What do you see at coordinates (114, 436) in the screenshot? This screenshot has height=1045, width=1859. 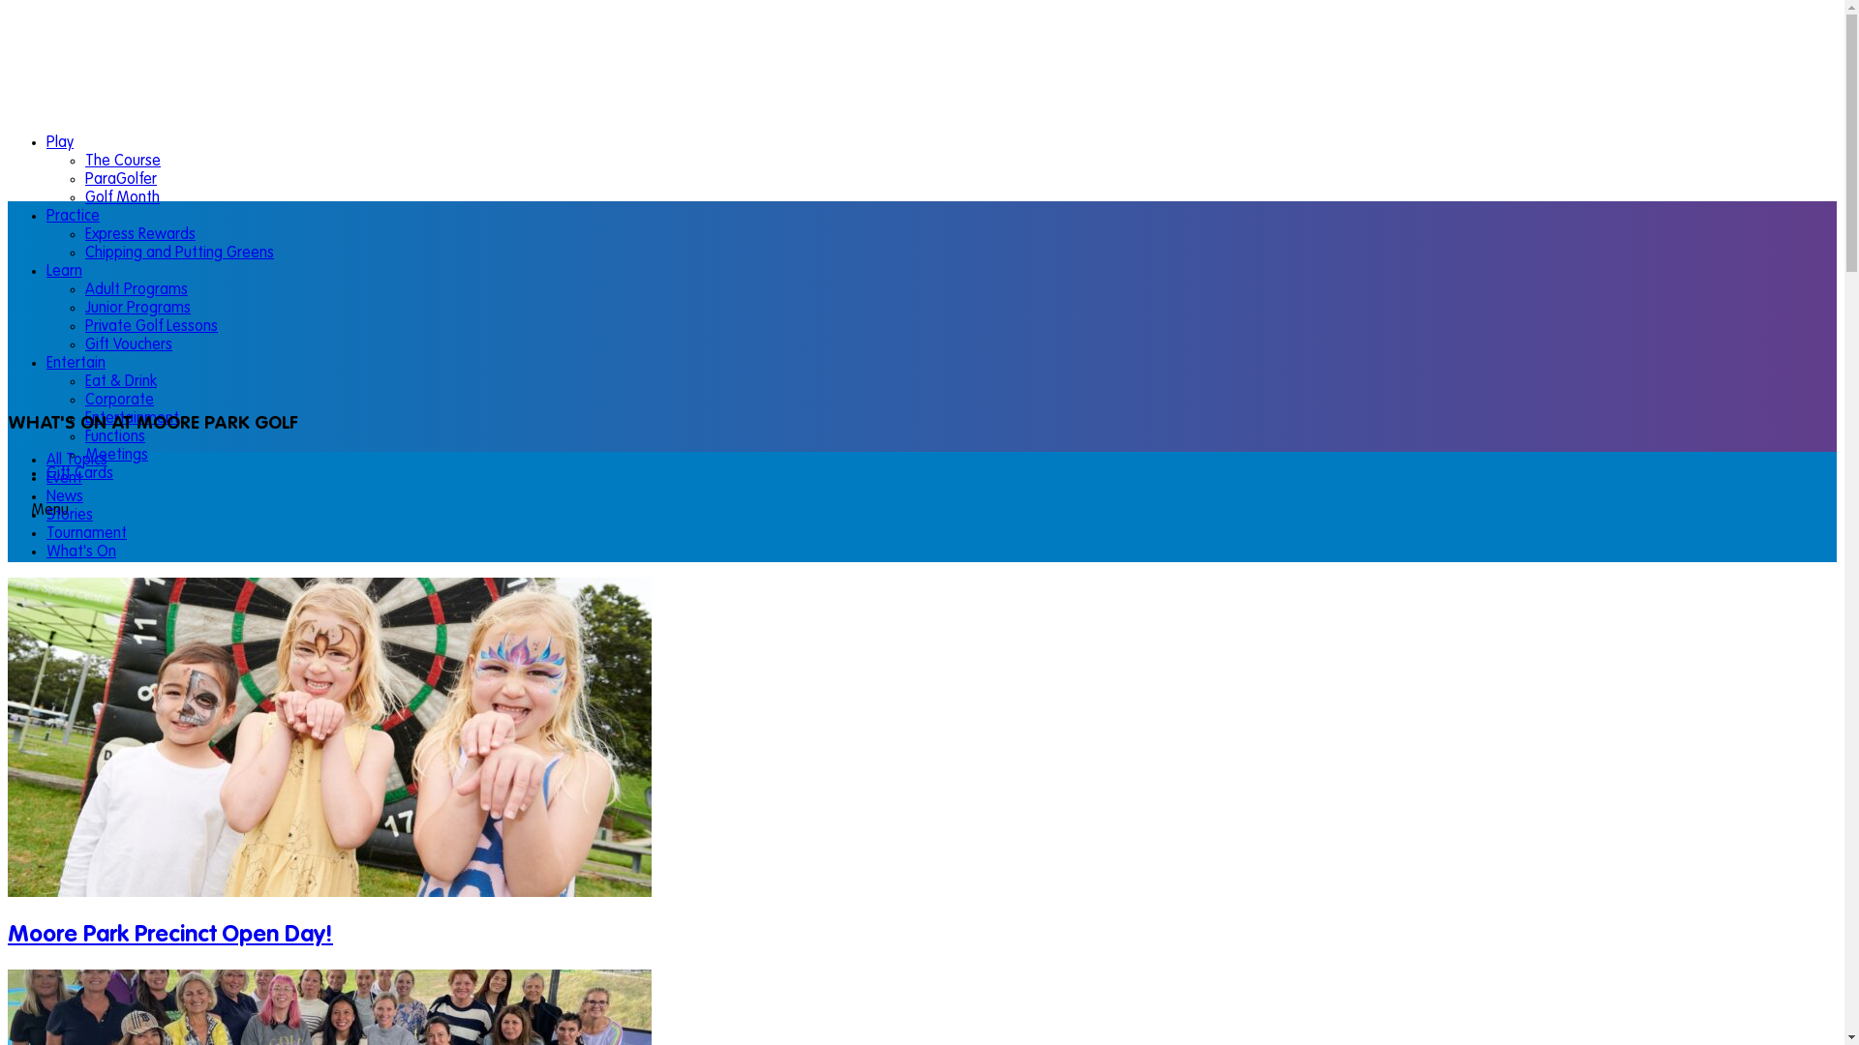 I see `'Functions'` at bounding box center [114, 436].